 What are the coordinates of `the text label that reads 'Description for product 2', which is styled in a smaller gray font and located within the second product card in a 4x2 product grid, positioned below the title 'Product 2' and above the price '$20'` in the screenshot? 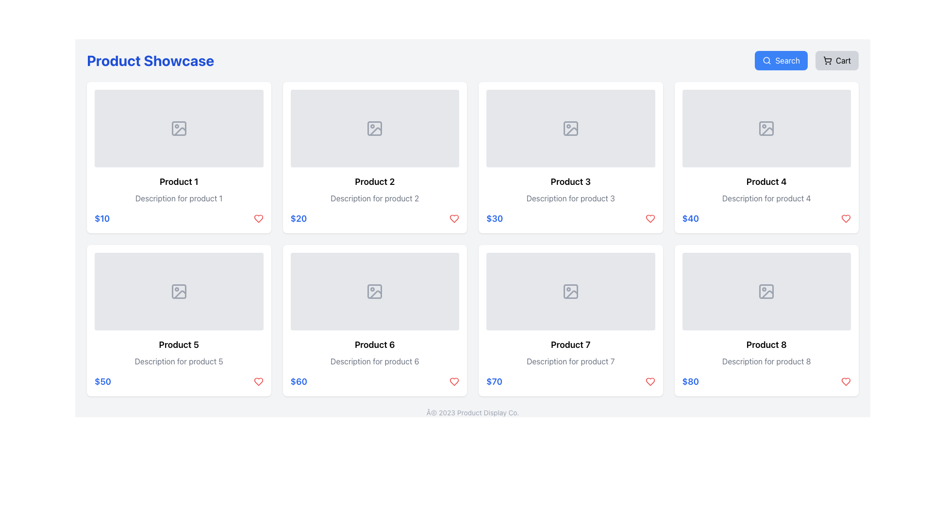 It's located at (374, 197).